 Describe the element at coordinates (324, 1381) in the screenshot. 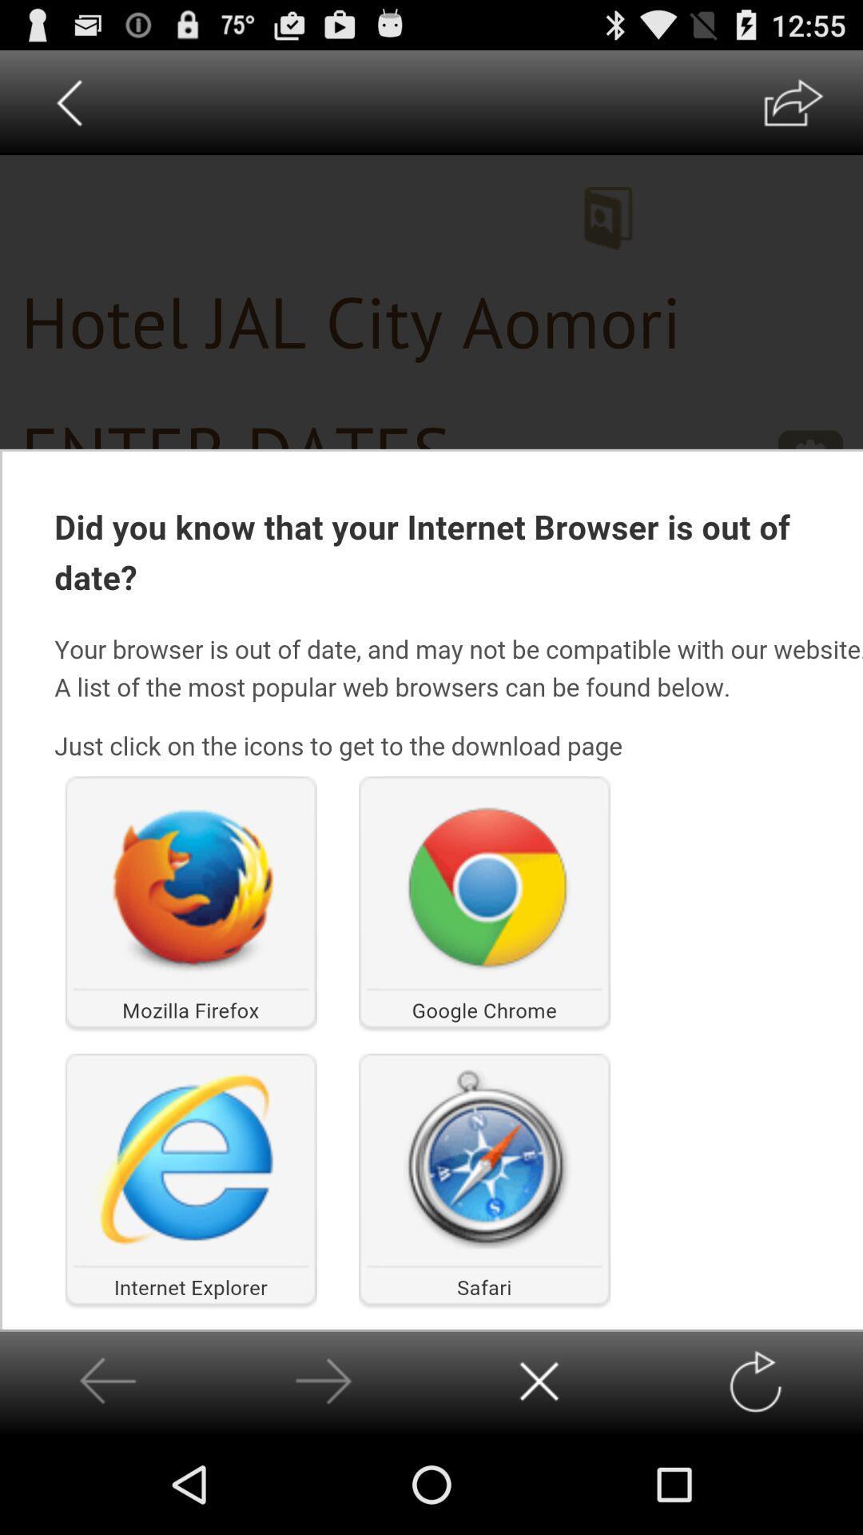

I see `next page` at that location.